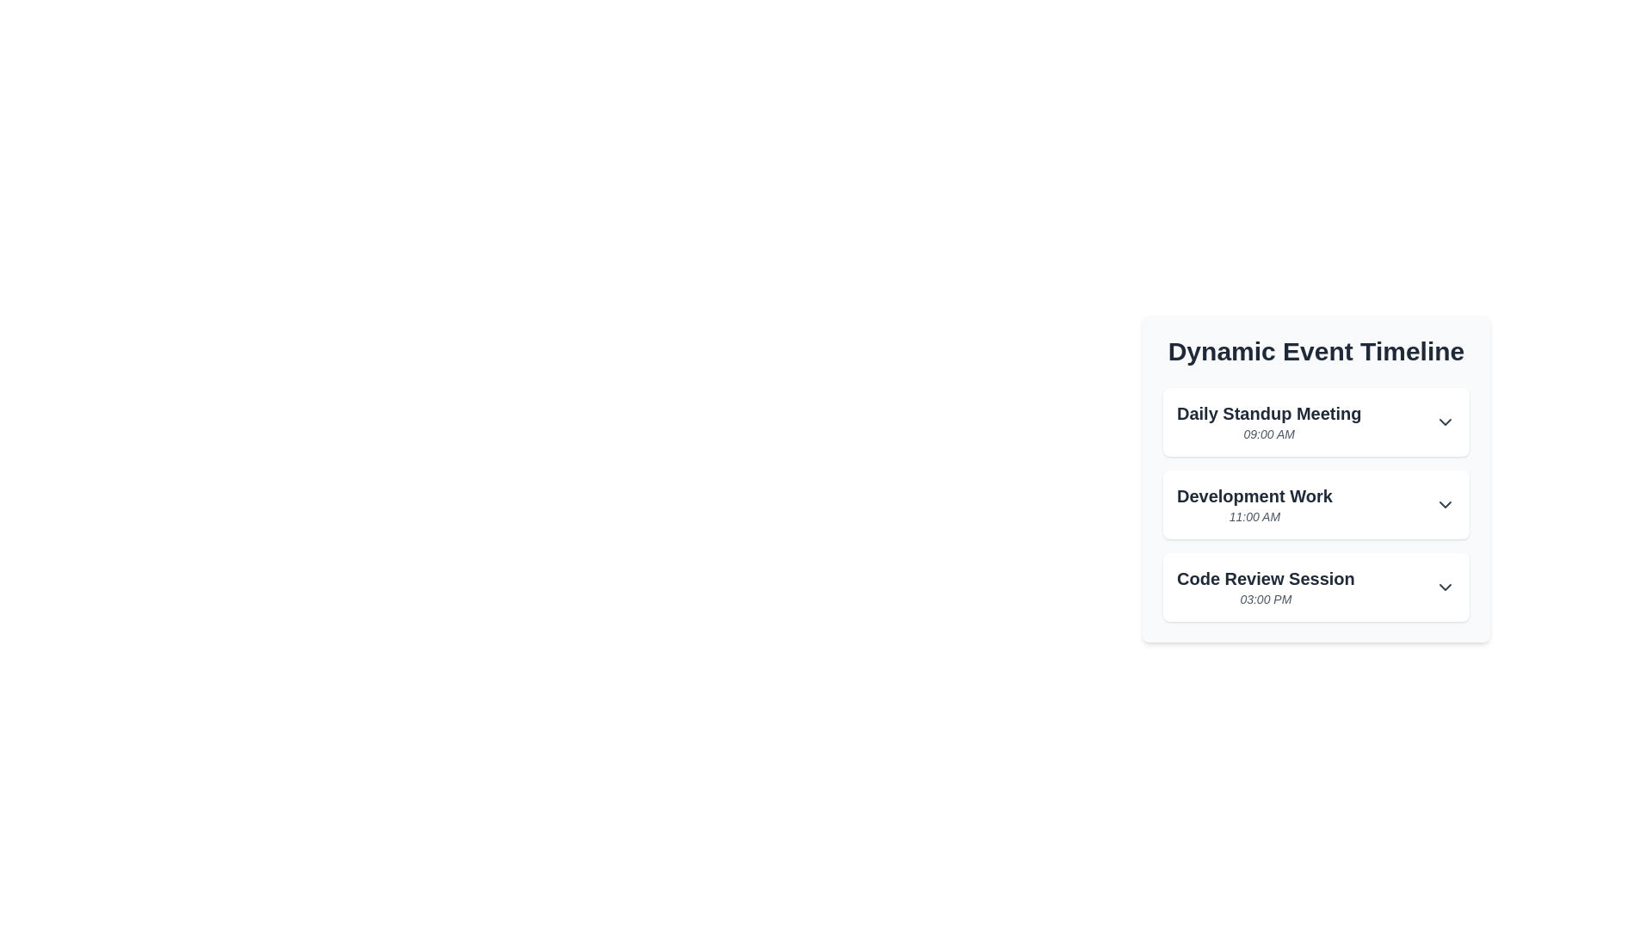 This screenshot has width=1652, height=929. I want to click on the text label reading 'Daily Standup Meeting', which is styled in bold and larger size, colored dark gray, and positioned at the top of the event entry, so click(1269, 414).